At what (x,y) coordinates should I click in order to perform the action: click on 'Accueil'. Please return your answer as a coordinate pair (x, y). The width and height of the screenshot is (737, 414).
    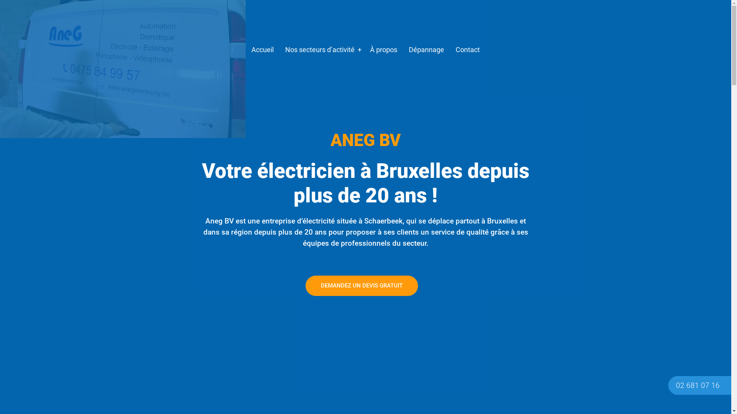
    Looking at the image, I should click on (262, 50).